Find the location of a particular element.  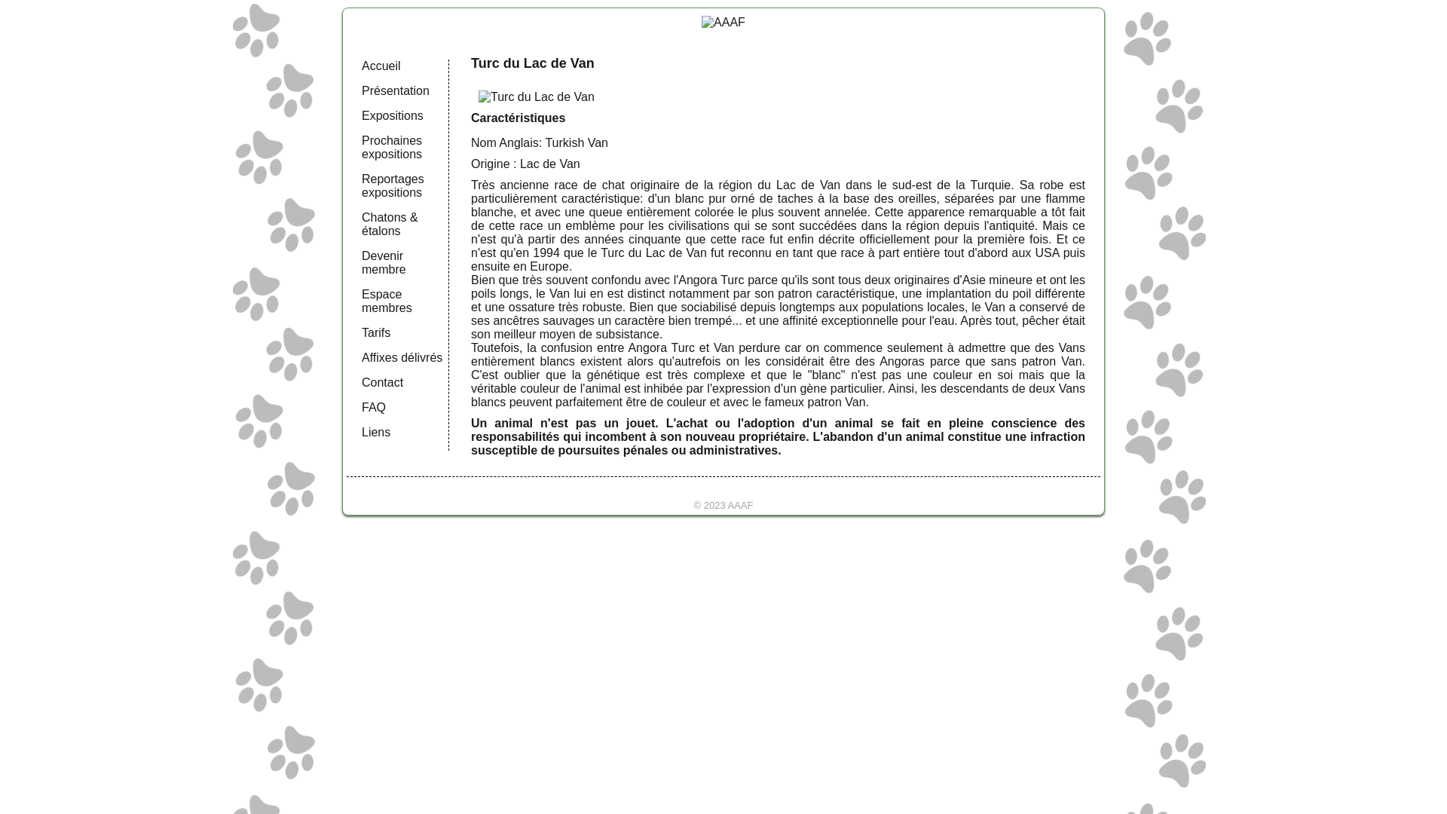

'Reportages expositions' is located at coordinates (393, 185).